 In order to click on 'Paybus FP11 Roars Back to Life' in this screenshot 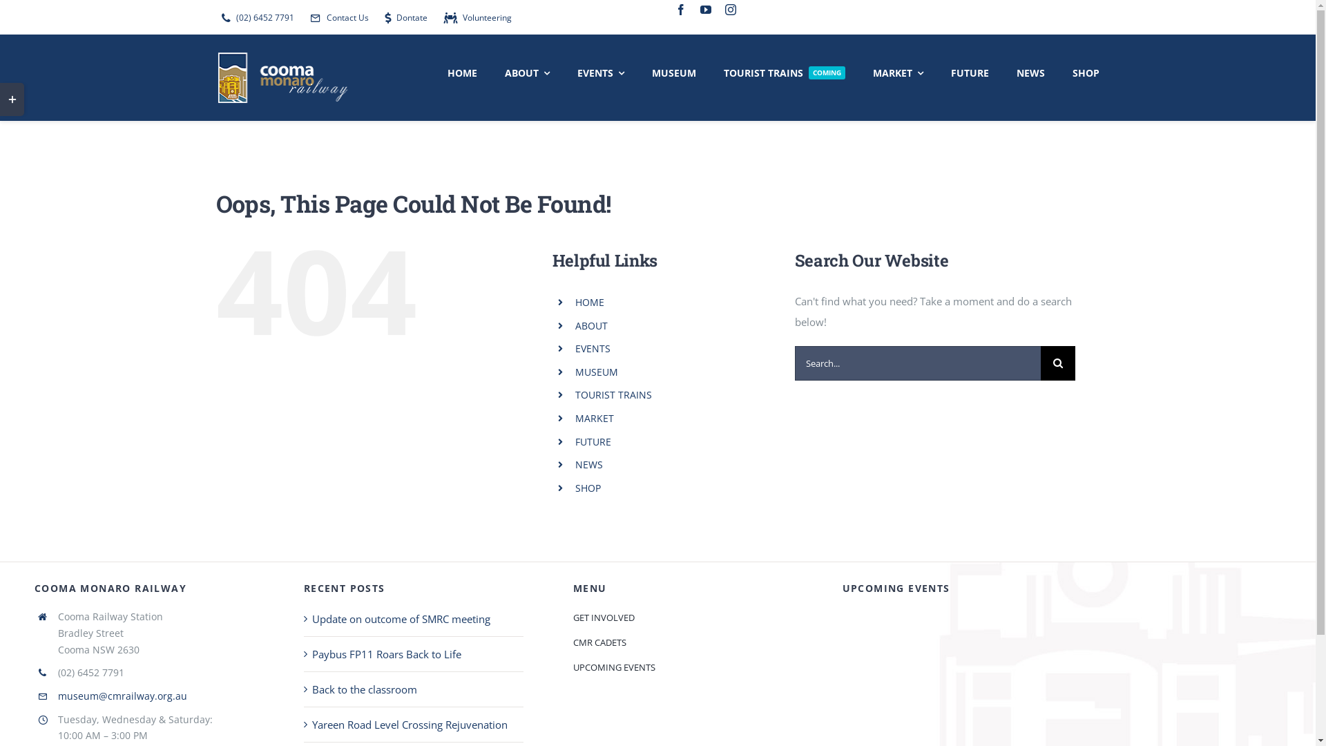, I will do `click(387, 653)`.